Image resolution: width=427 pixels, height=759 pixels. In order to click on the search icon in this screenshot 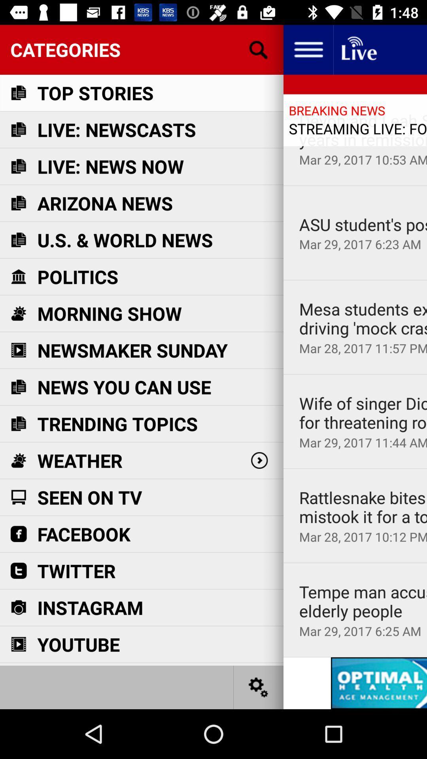, I will do `click(259, 49)`.